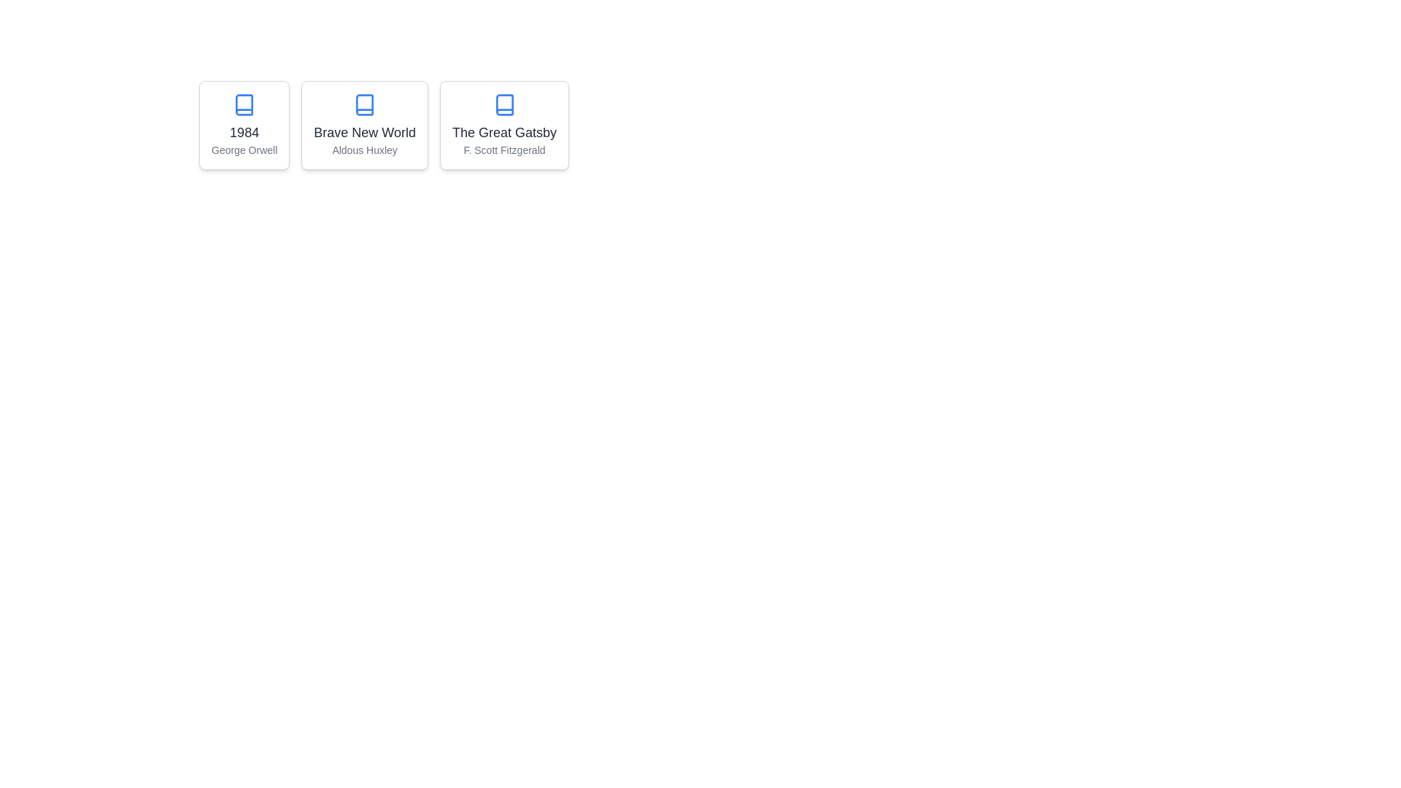 The height and width of the screenshot is (788, 1401). I want to click on the blue book icon representing 'Brave New World' by Aldous Huxley, located at the top of the card layout, so click(365, 104).